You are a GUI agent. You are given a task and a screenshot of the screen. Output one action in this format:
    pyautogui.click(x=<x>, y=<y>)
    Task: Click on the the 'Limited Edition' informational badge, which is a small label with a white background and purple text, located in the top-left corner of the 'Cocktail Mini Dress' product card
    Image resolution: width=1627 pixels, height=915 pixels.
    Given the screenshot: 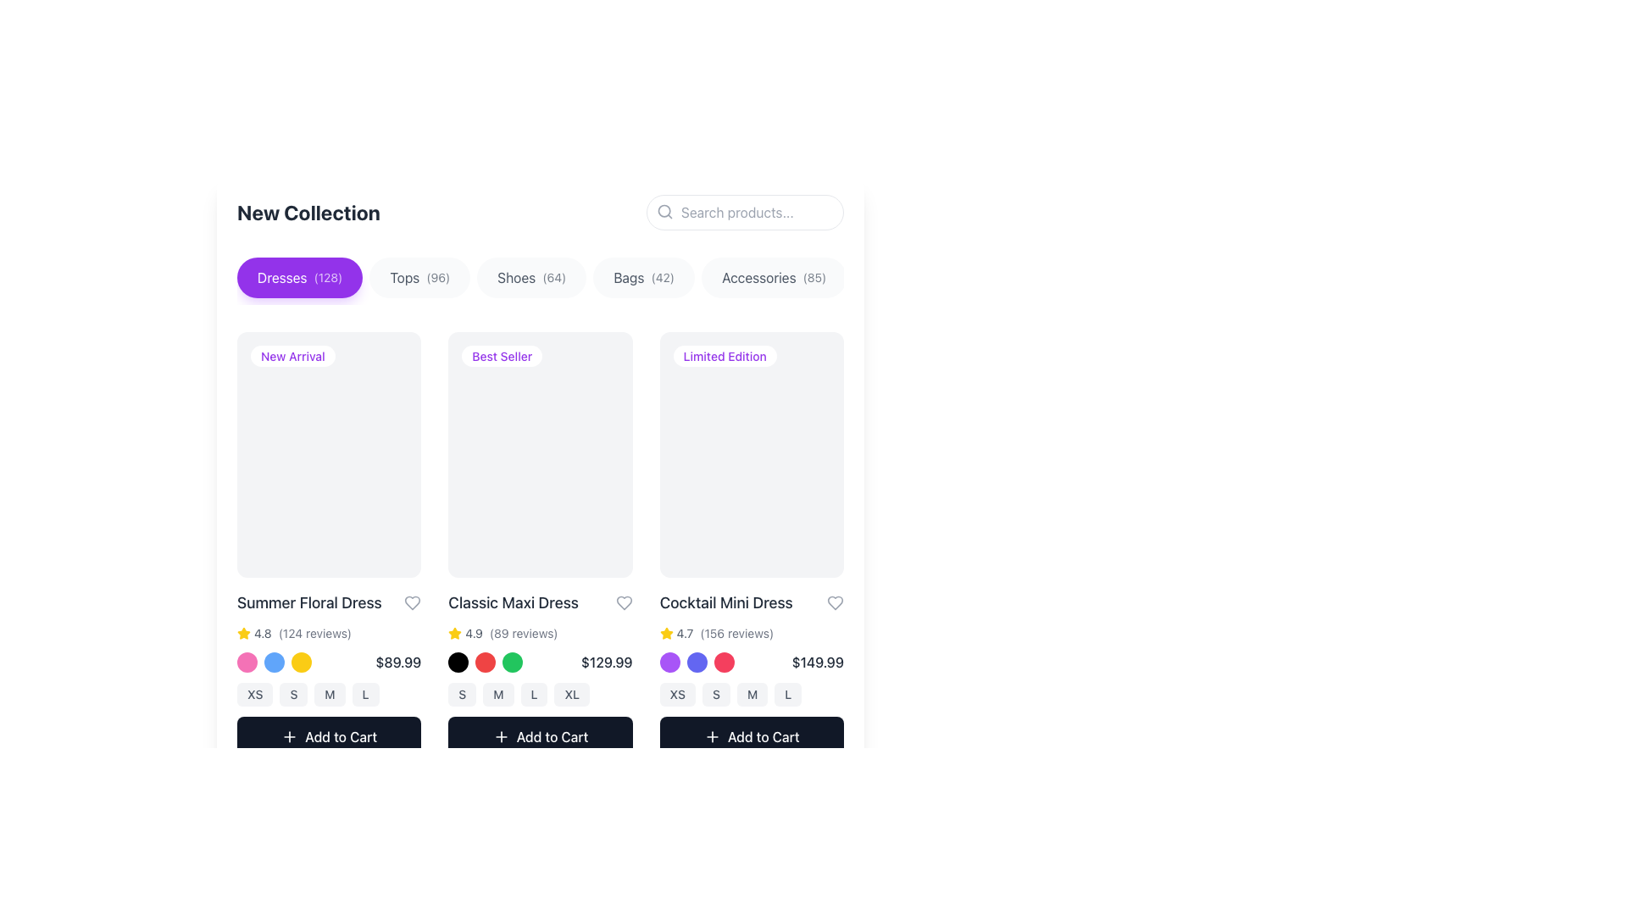 What is the action you would take?
    pyautogui.click(x=725, y=355)
    